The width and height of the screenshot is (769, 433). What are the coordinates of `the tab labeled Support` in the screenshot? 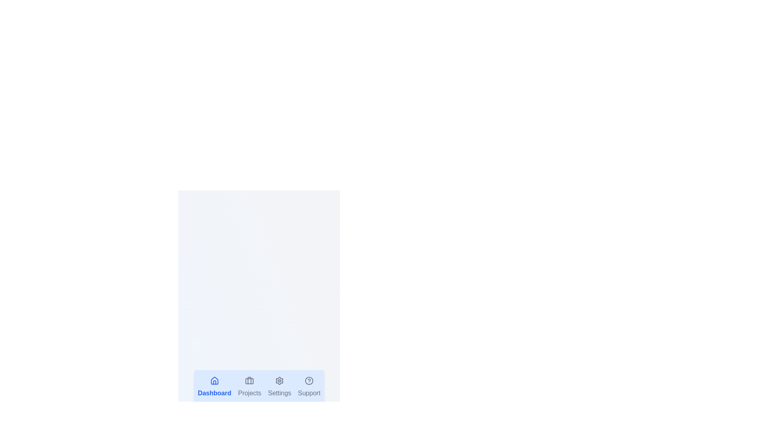 It's located at (309, 386).